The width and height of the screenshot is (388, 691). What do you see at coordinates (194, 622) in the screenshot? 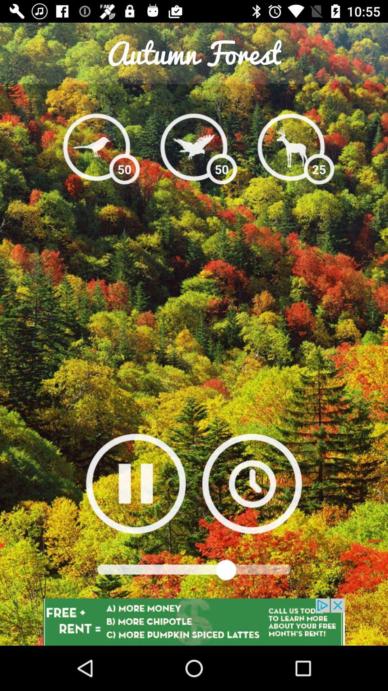
I see `click on free rent icon` at bounding box center [194, 622].